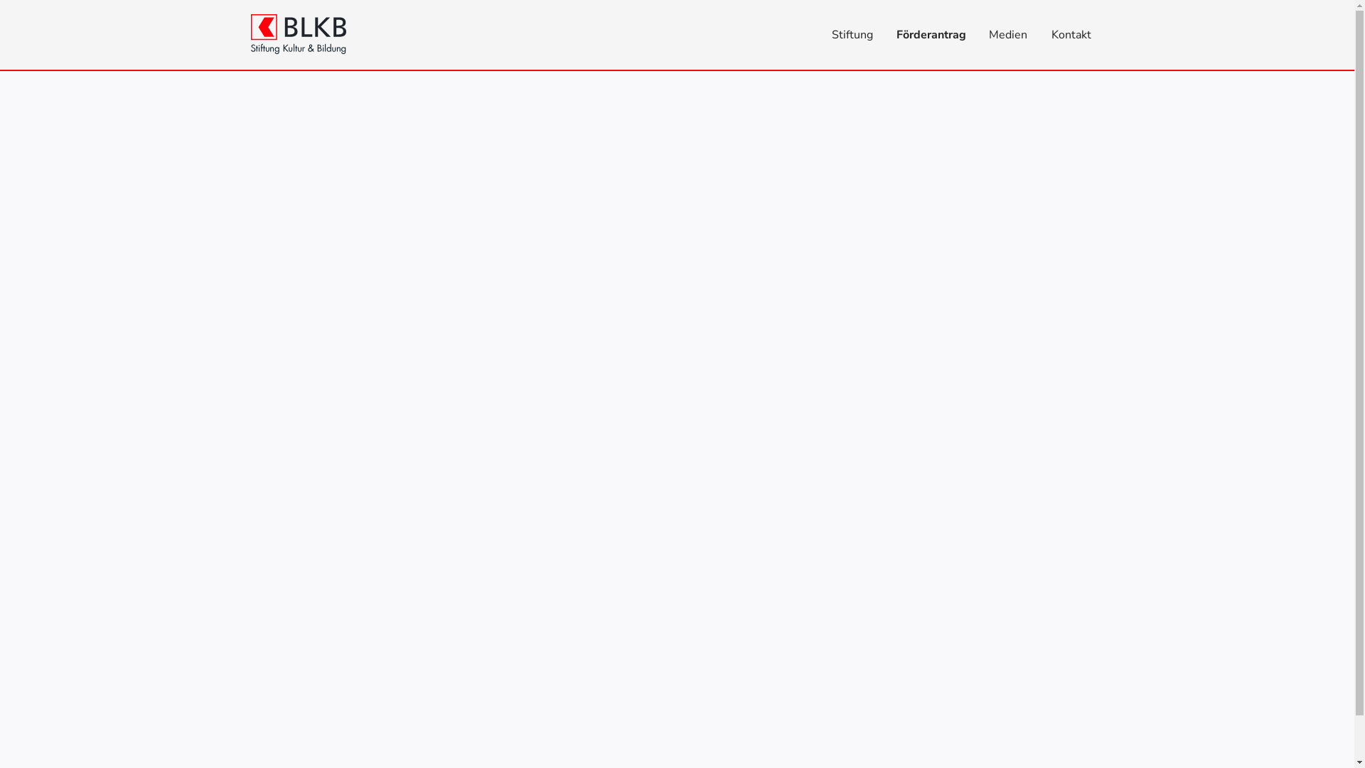  Describe the element at coordinates (1039, 33) in the screenshot. I see `'Kontakt'` at that location.